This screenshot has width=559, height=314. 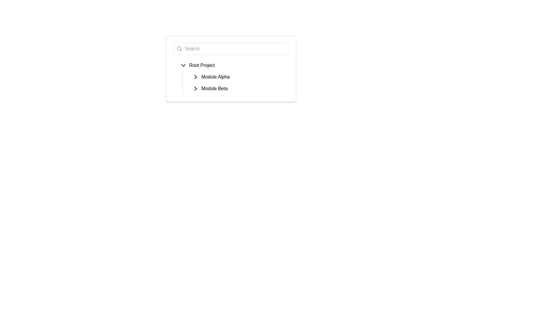 What do you see at coordinates (202, 65) in the screenshot?
I see `the 'Root Project' text label in the hierarchical list` at bounding box center [202, 65].